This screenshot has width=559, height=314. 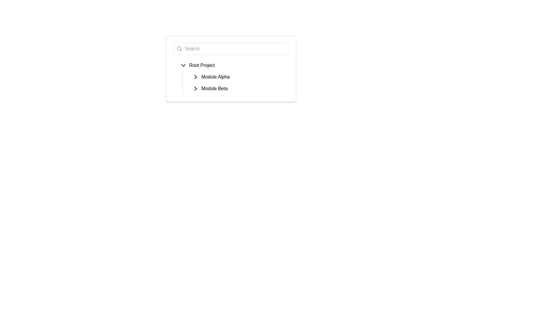 What do you see at coordinates (202, 65) in the screenshot?
I see `the 'Root Project' text label in the hierarchical list` at bounding box center [202, 65].